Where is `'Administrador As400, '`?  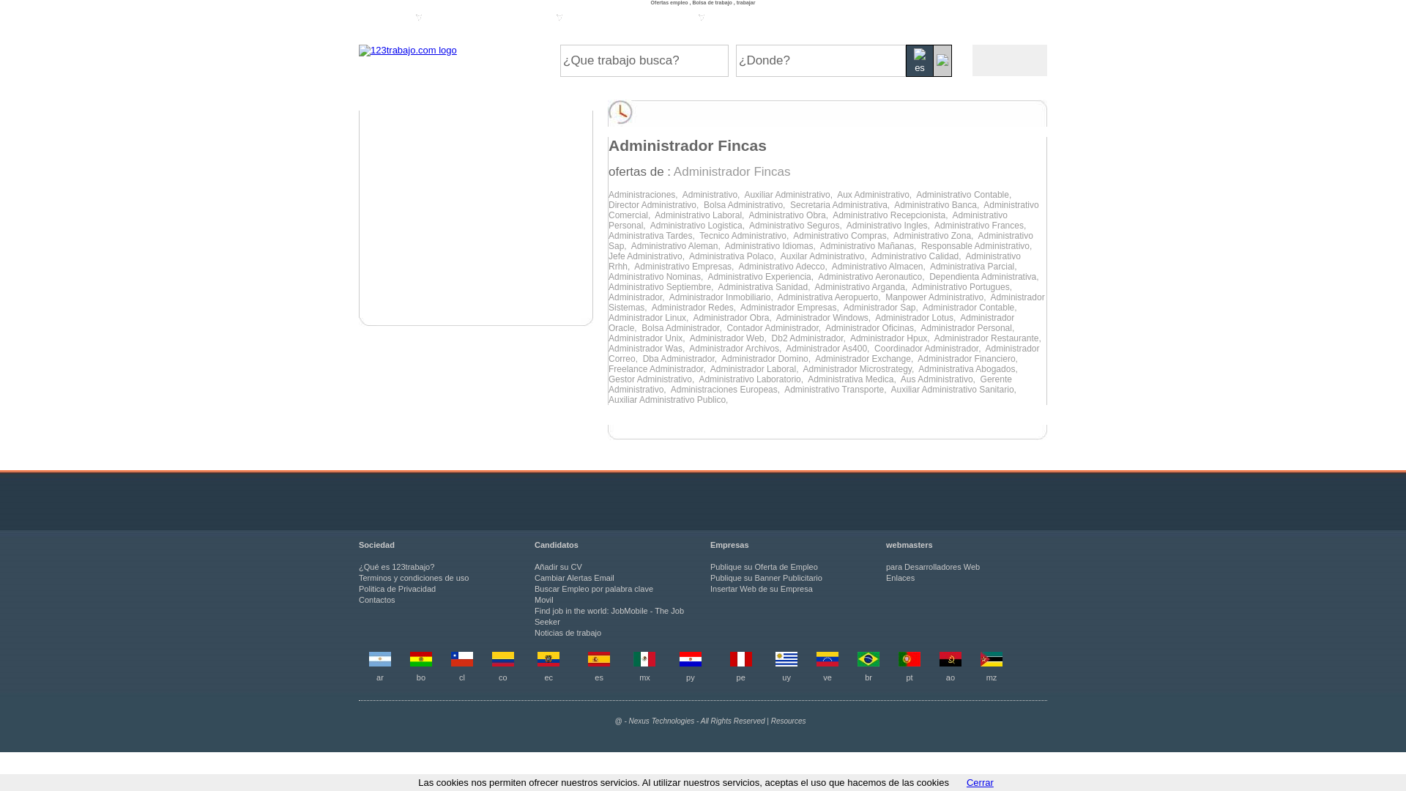 'Administrador As400, ' is located at coordinates (830, 348).